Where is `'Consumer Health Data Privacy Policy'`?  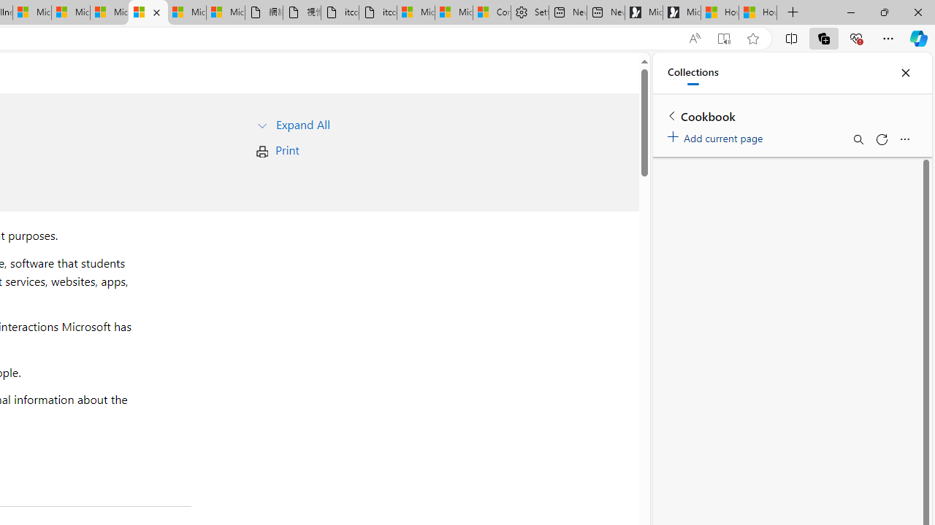 'Consumer Health Data Privacy Policy' is located at coordinates (492, 12).